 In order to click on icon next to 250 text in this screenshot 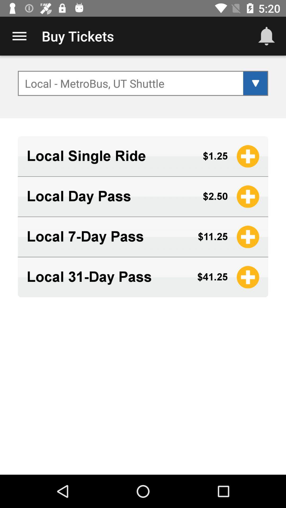, I will do `click(248, 196)`.